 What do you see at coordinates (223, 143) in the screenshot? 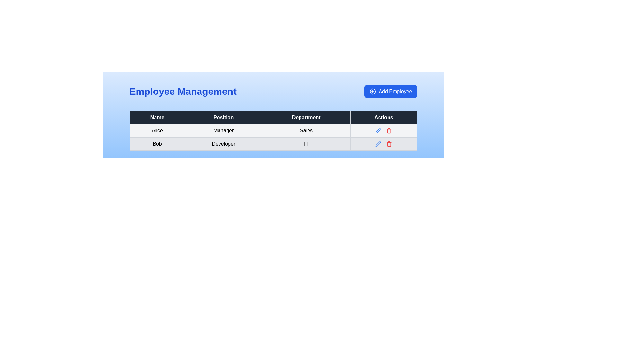
I see `information displayed in the table cell that shows the job position of the employee 'Bob', located in the second column of the second row under the 'Position' header` at bounding box center [223, 143].